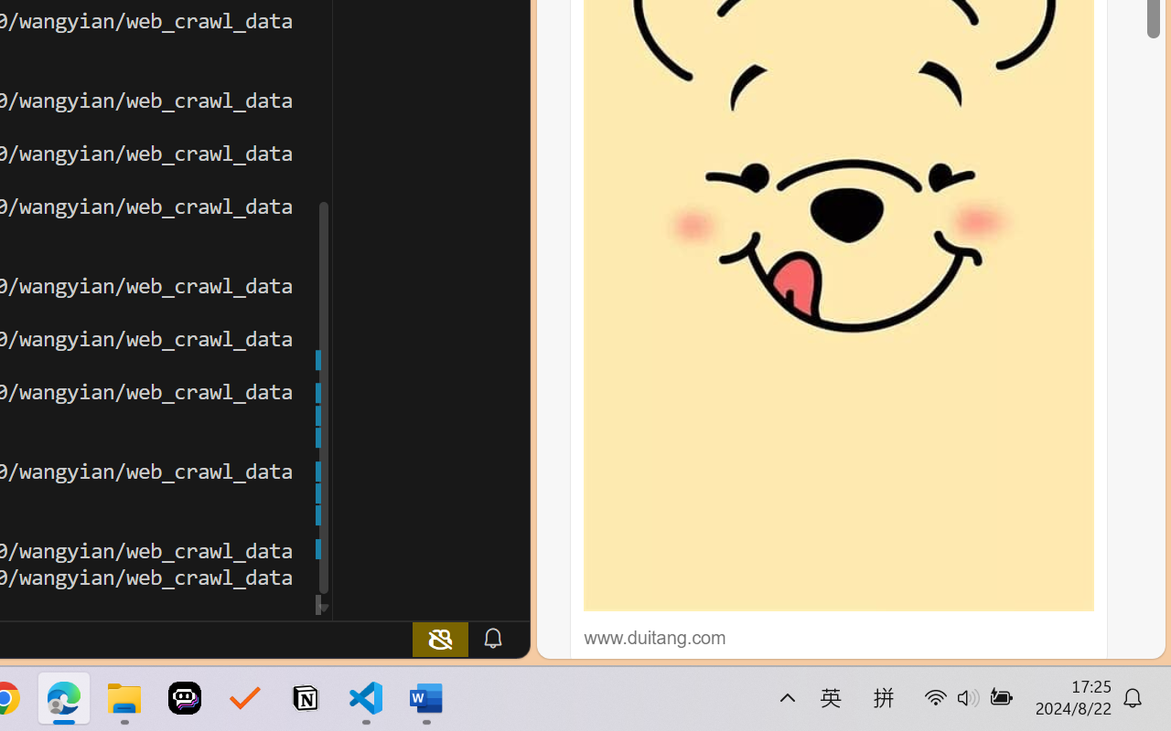 This screenshot has height=731, width=1171. What do you see at coordinates (440, 638) in the screenshot?
I see `'copilot-notconnected, Copilot error (click for details)'` at bounding box center [440, 638].